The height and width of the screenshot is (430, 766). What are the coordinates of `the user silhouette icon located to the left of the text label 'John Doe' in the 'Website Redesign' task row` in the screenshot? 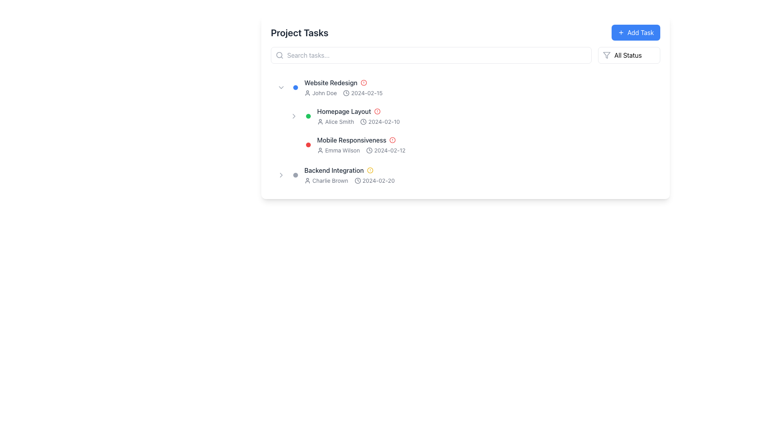 It's located at (307, 93).